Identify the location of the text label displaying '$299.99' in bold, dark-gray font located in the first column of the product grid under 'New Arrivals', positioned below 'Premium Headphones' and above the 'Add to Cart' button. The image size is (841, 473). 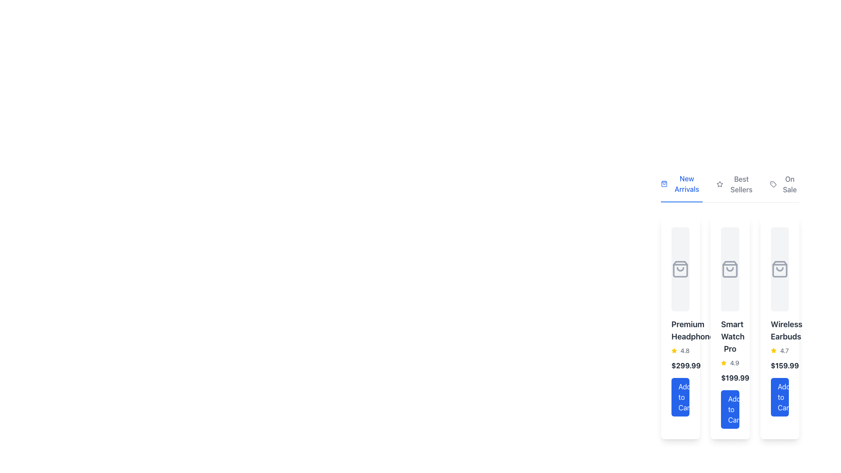
(686, 365).